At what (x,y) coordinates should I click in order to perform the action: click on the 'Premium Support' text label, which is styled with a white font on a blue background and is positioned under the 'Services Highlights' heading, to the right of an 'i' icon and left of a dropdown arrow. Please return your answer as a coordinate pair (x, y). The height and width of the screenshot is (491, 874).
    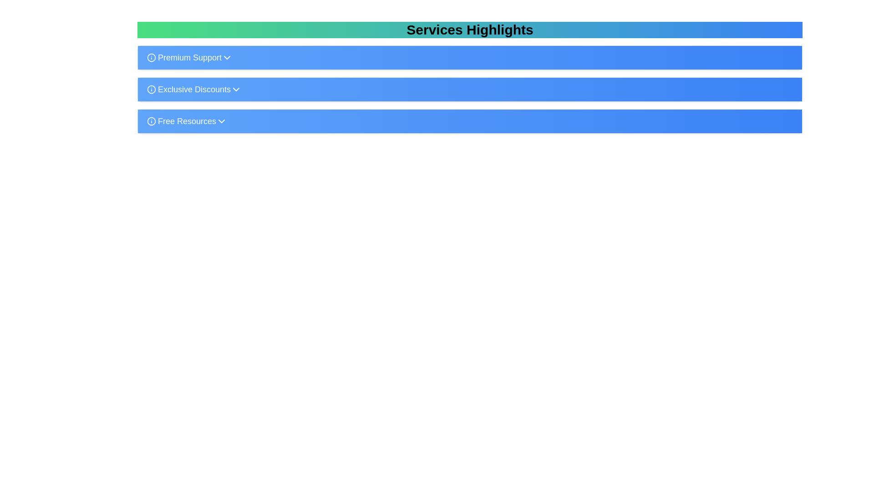
    Looking at the image, I should click on (189, 58).